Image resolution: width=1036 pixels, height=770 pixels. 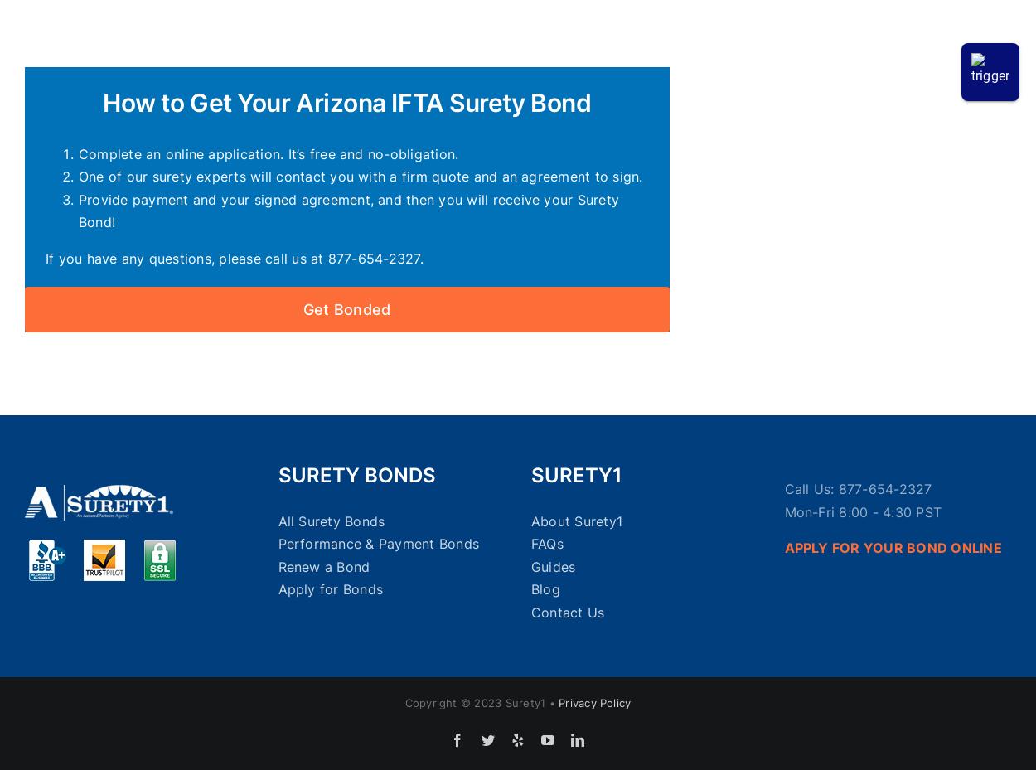 What do you see at coordinates (576, 520) in the screenshot?
I see `'About Surety1'` at bounding box center [576, 520].